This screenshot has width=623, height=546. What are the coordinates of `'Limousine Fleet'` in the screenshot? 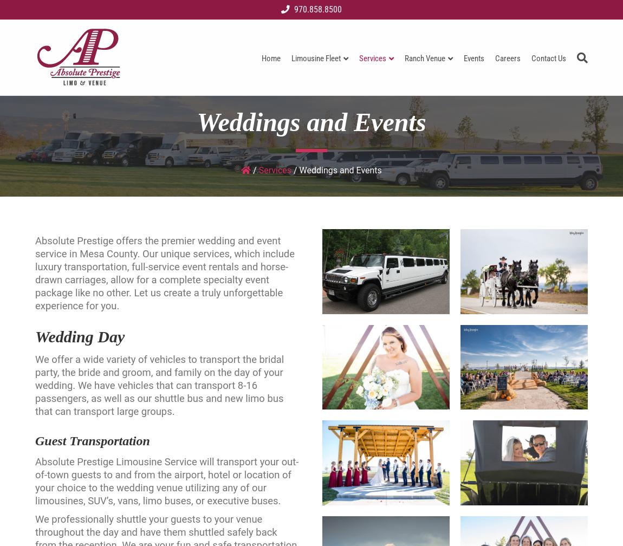 It's located at (291, 58).